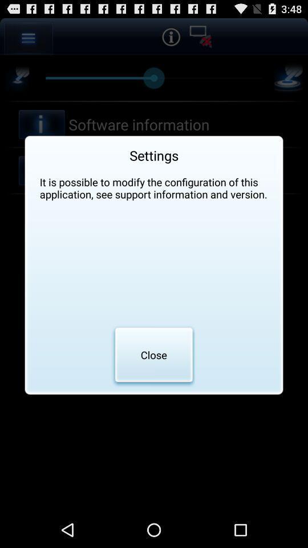 The image size is (308, 548). What do you see at coordinates (29, 41) in the screenshot?
I see `the menu icon` at bounding box center [29, 41].